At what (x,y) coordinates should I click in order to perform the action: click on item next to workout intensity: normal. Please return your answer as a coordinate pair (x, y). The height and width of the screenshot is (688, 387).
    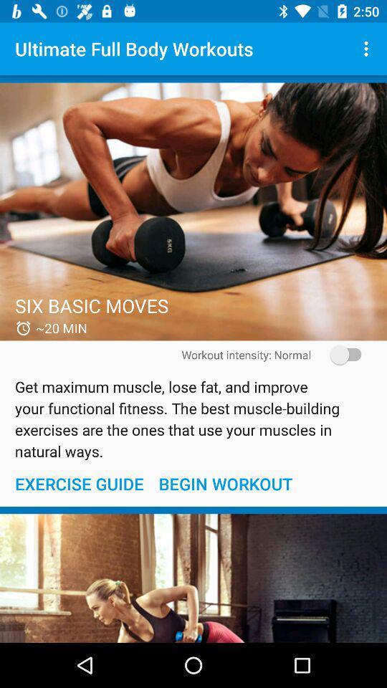
    Looking at the image, I should click on (340, 354).